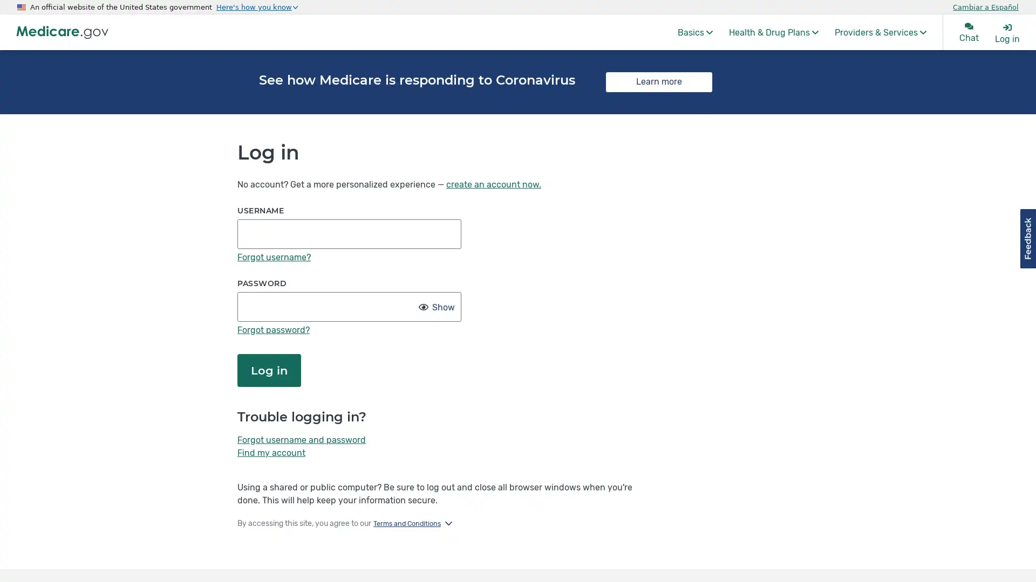  What do you see at coordinates (269, 369) in the screenshot?
I see `Log in` at bounding box center [269, 369].